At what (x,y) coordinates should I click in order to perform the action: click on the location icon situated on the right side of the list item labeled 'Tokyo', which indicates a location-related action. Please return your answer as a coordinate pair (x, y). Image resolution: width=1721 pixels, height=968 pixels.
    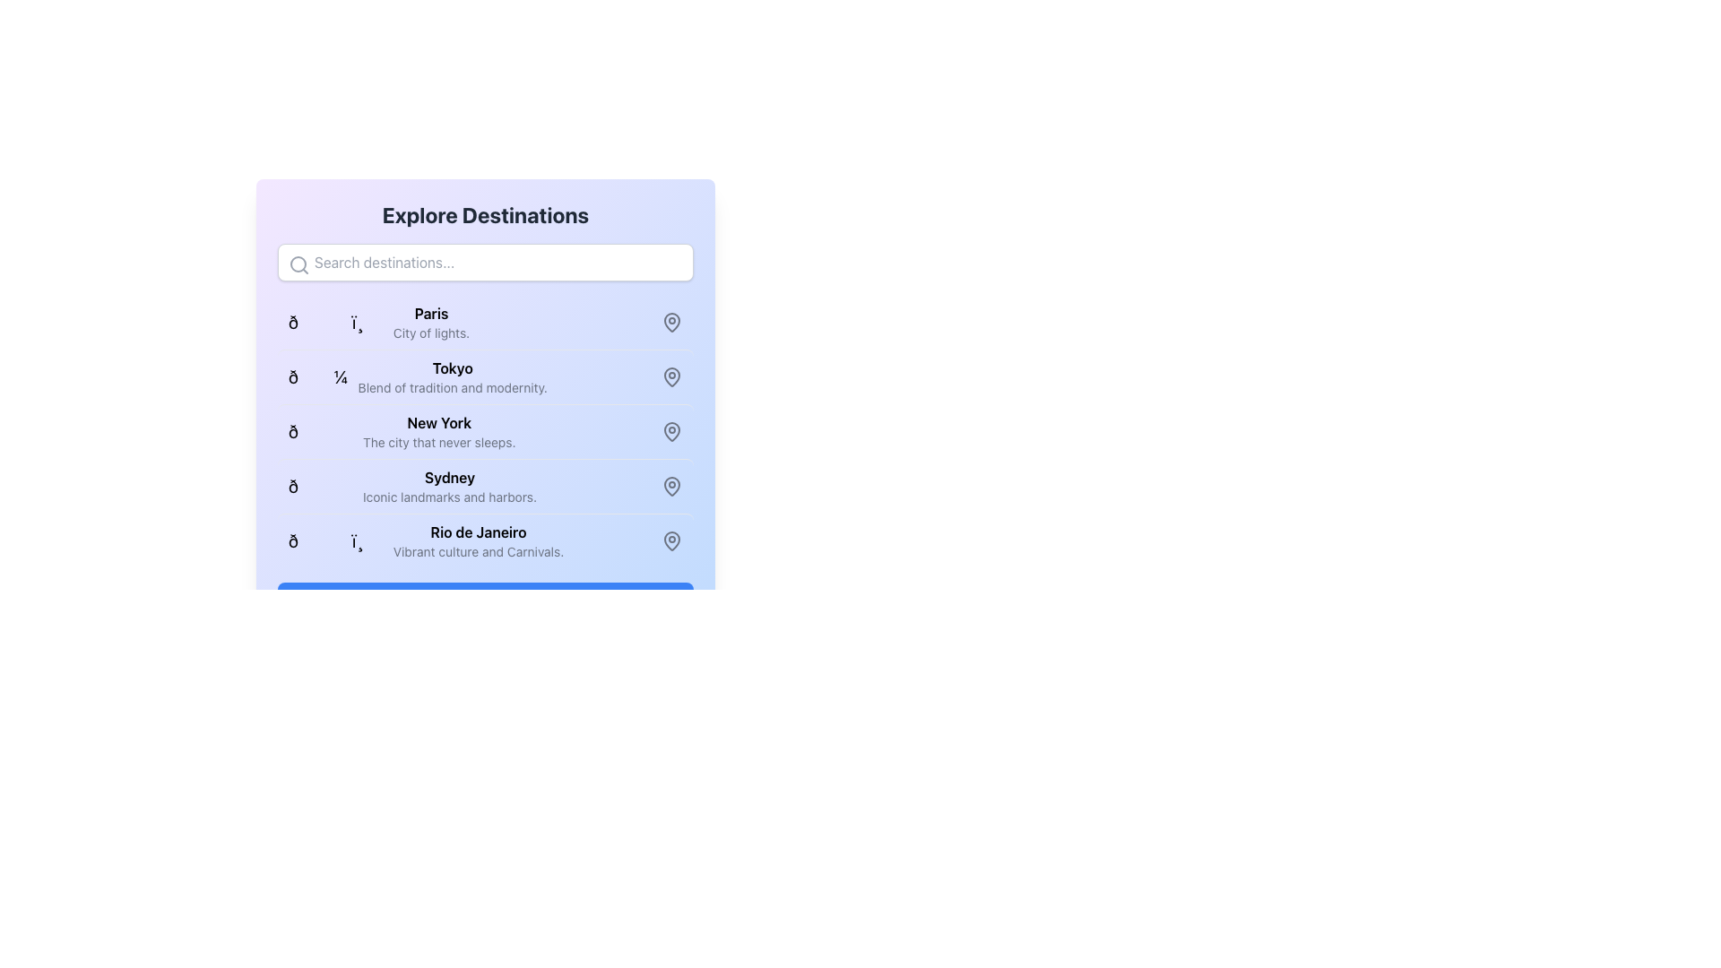
    Looking at the image, I should click on (670, 376).